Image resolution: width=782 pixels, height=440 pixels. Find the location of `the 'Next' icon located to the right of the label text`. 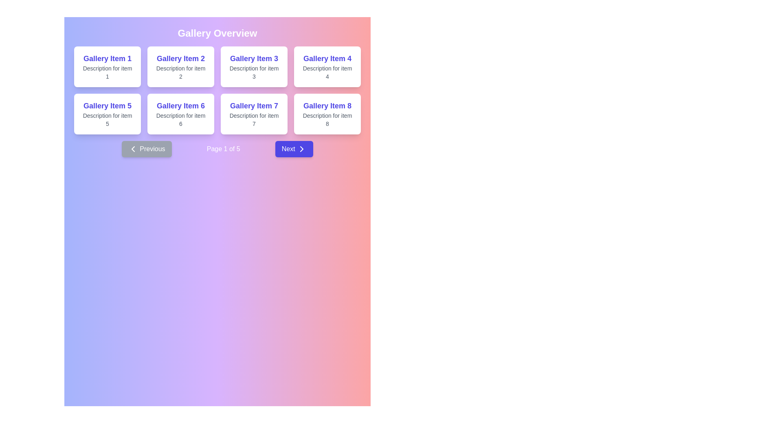

the 'Next' icon located to the right of the label text is located at coordinates (301, 149).